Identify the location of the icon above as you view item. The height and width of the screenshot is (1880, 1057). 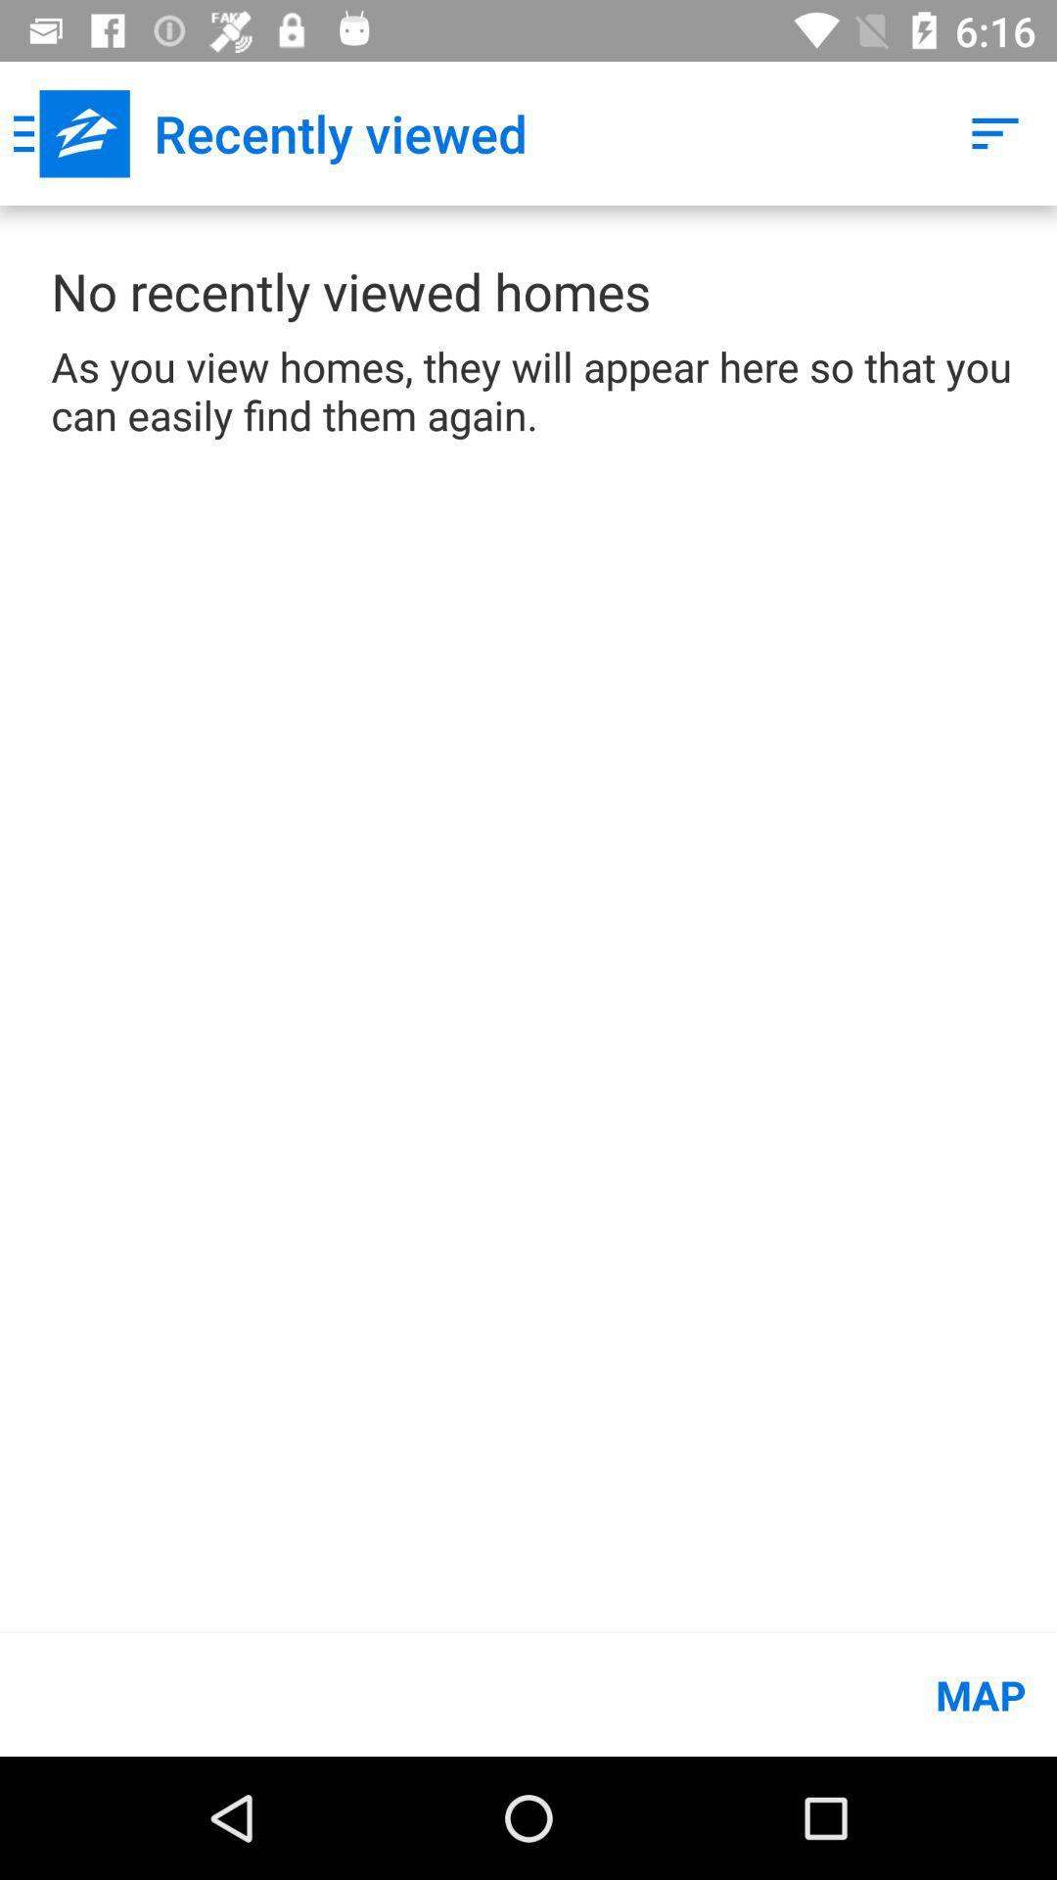
(995, 132).